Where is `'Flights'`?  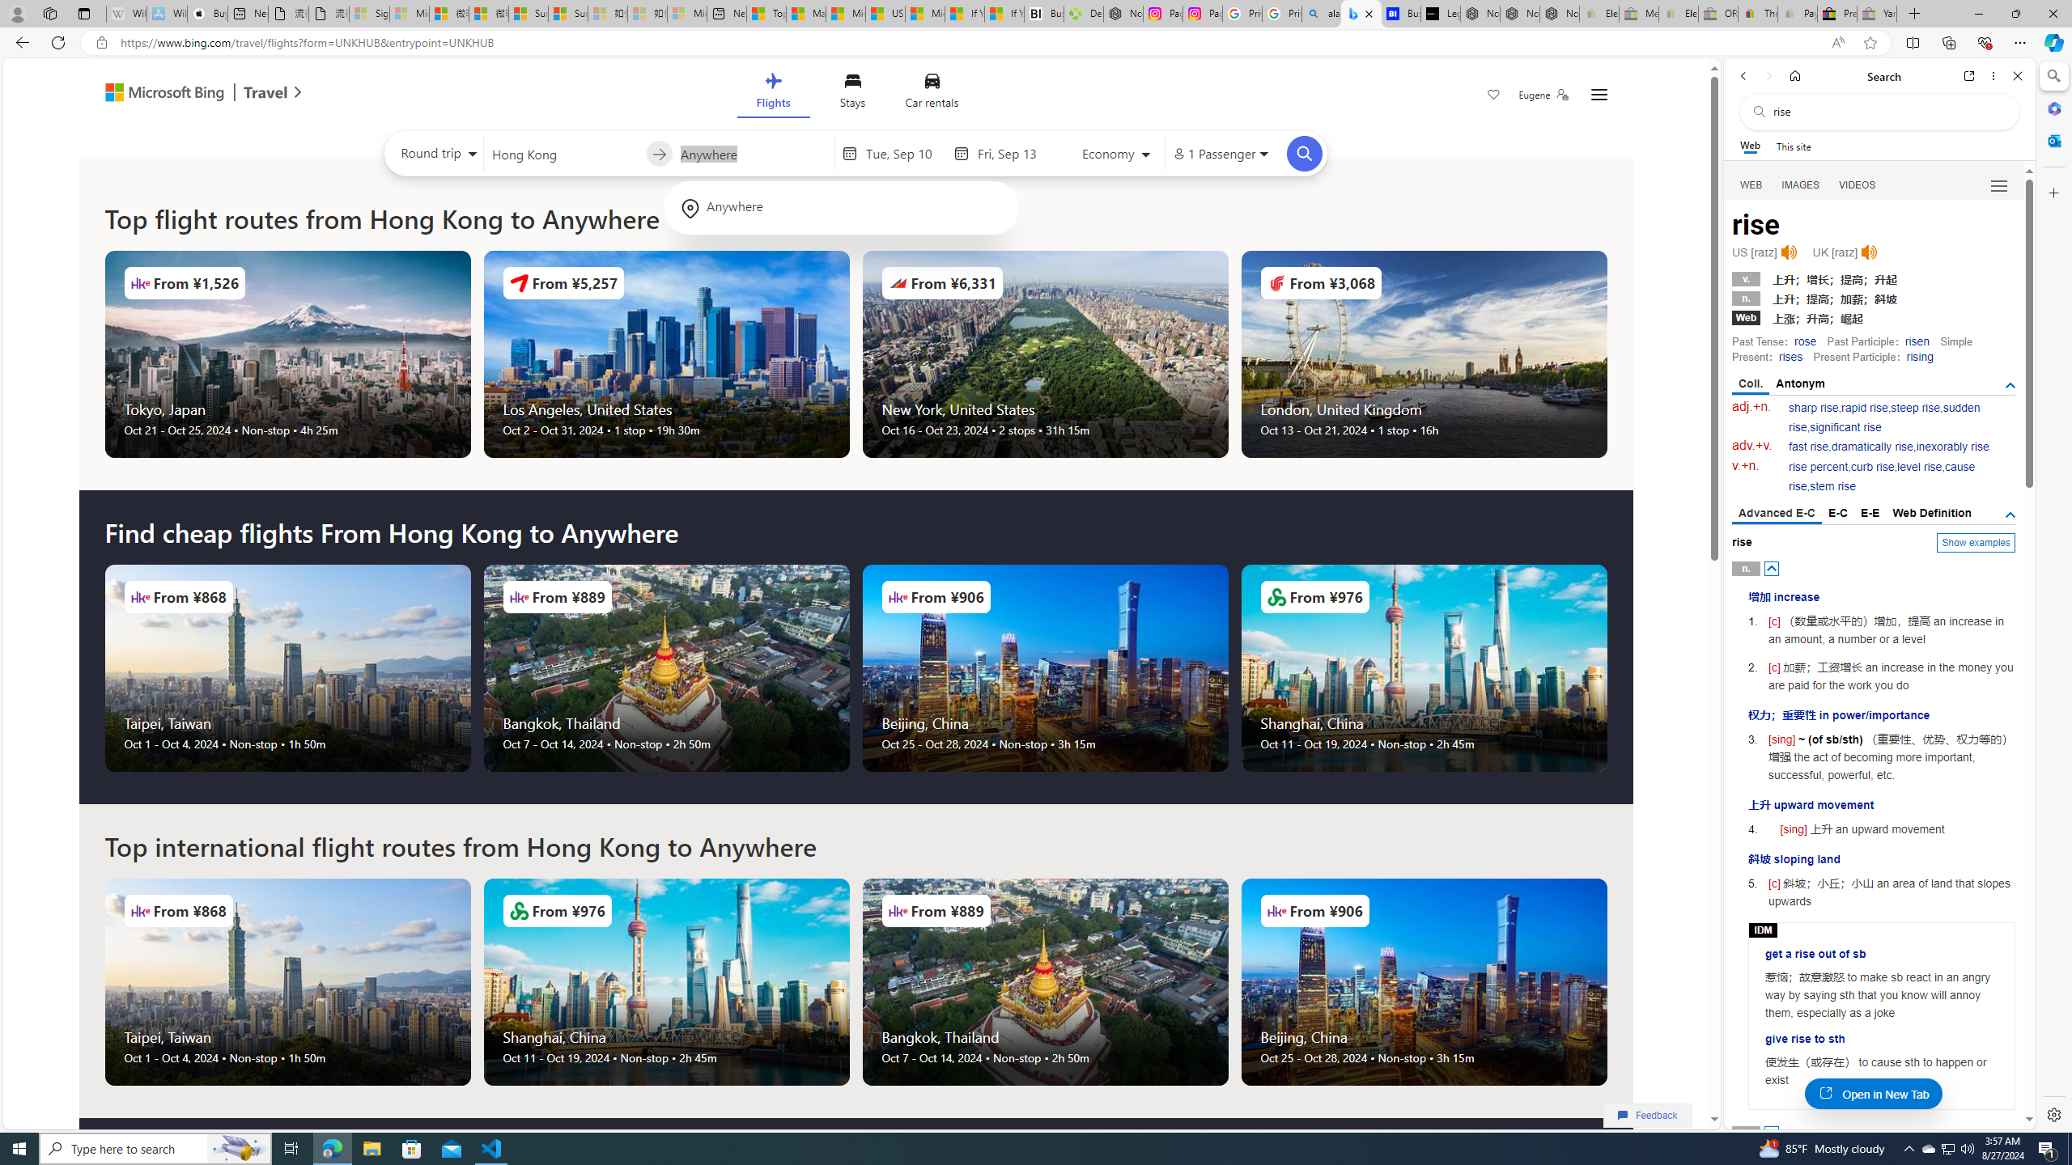
'Flights' is located at coordinates (771, 93).